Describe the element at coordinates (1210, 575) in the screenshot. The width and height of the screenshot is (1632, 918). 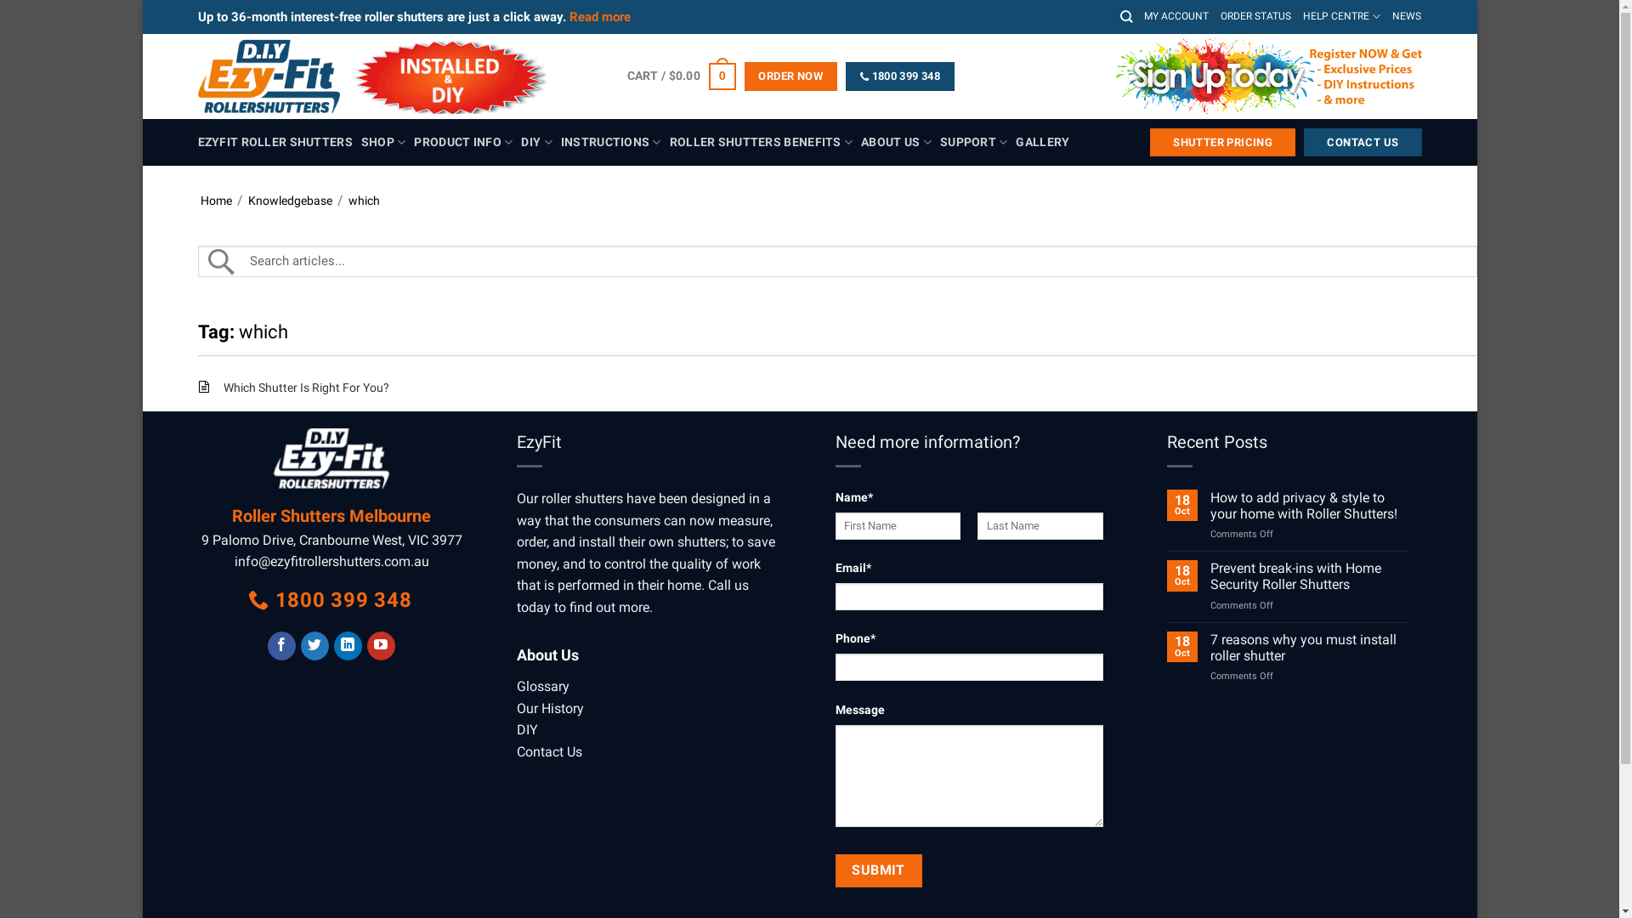
I see `'Prevent break-ins with Home Security Roller Shutters'` at that location.